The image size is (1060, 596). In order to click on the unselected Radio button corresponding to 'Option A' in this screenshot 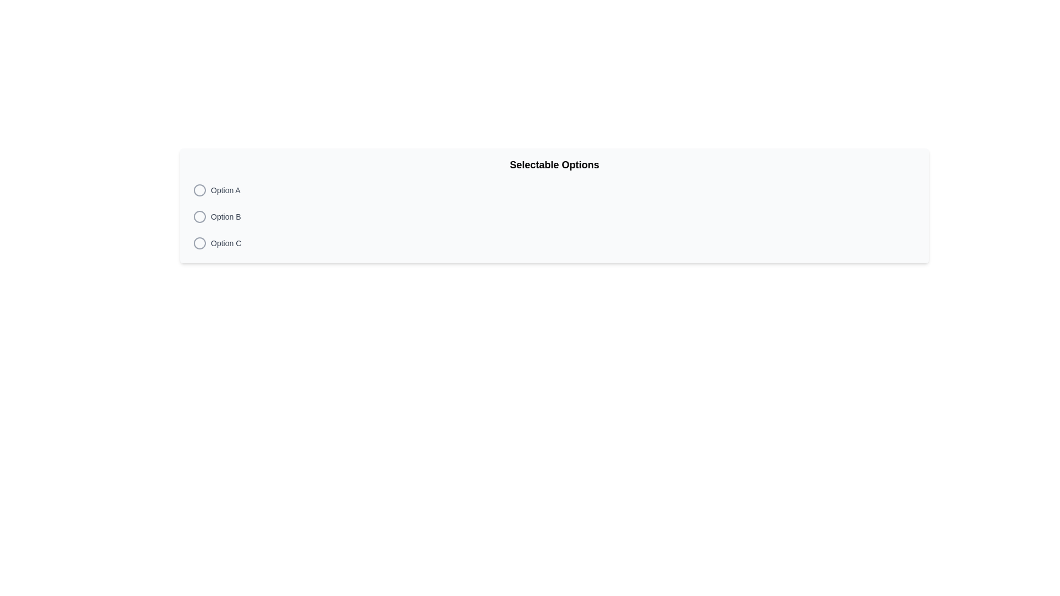, I will do `click(199, 189)`.